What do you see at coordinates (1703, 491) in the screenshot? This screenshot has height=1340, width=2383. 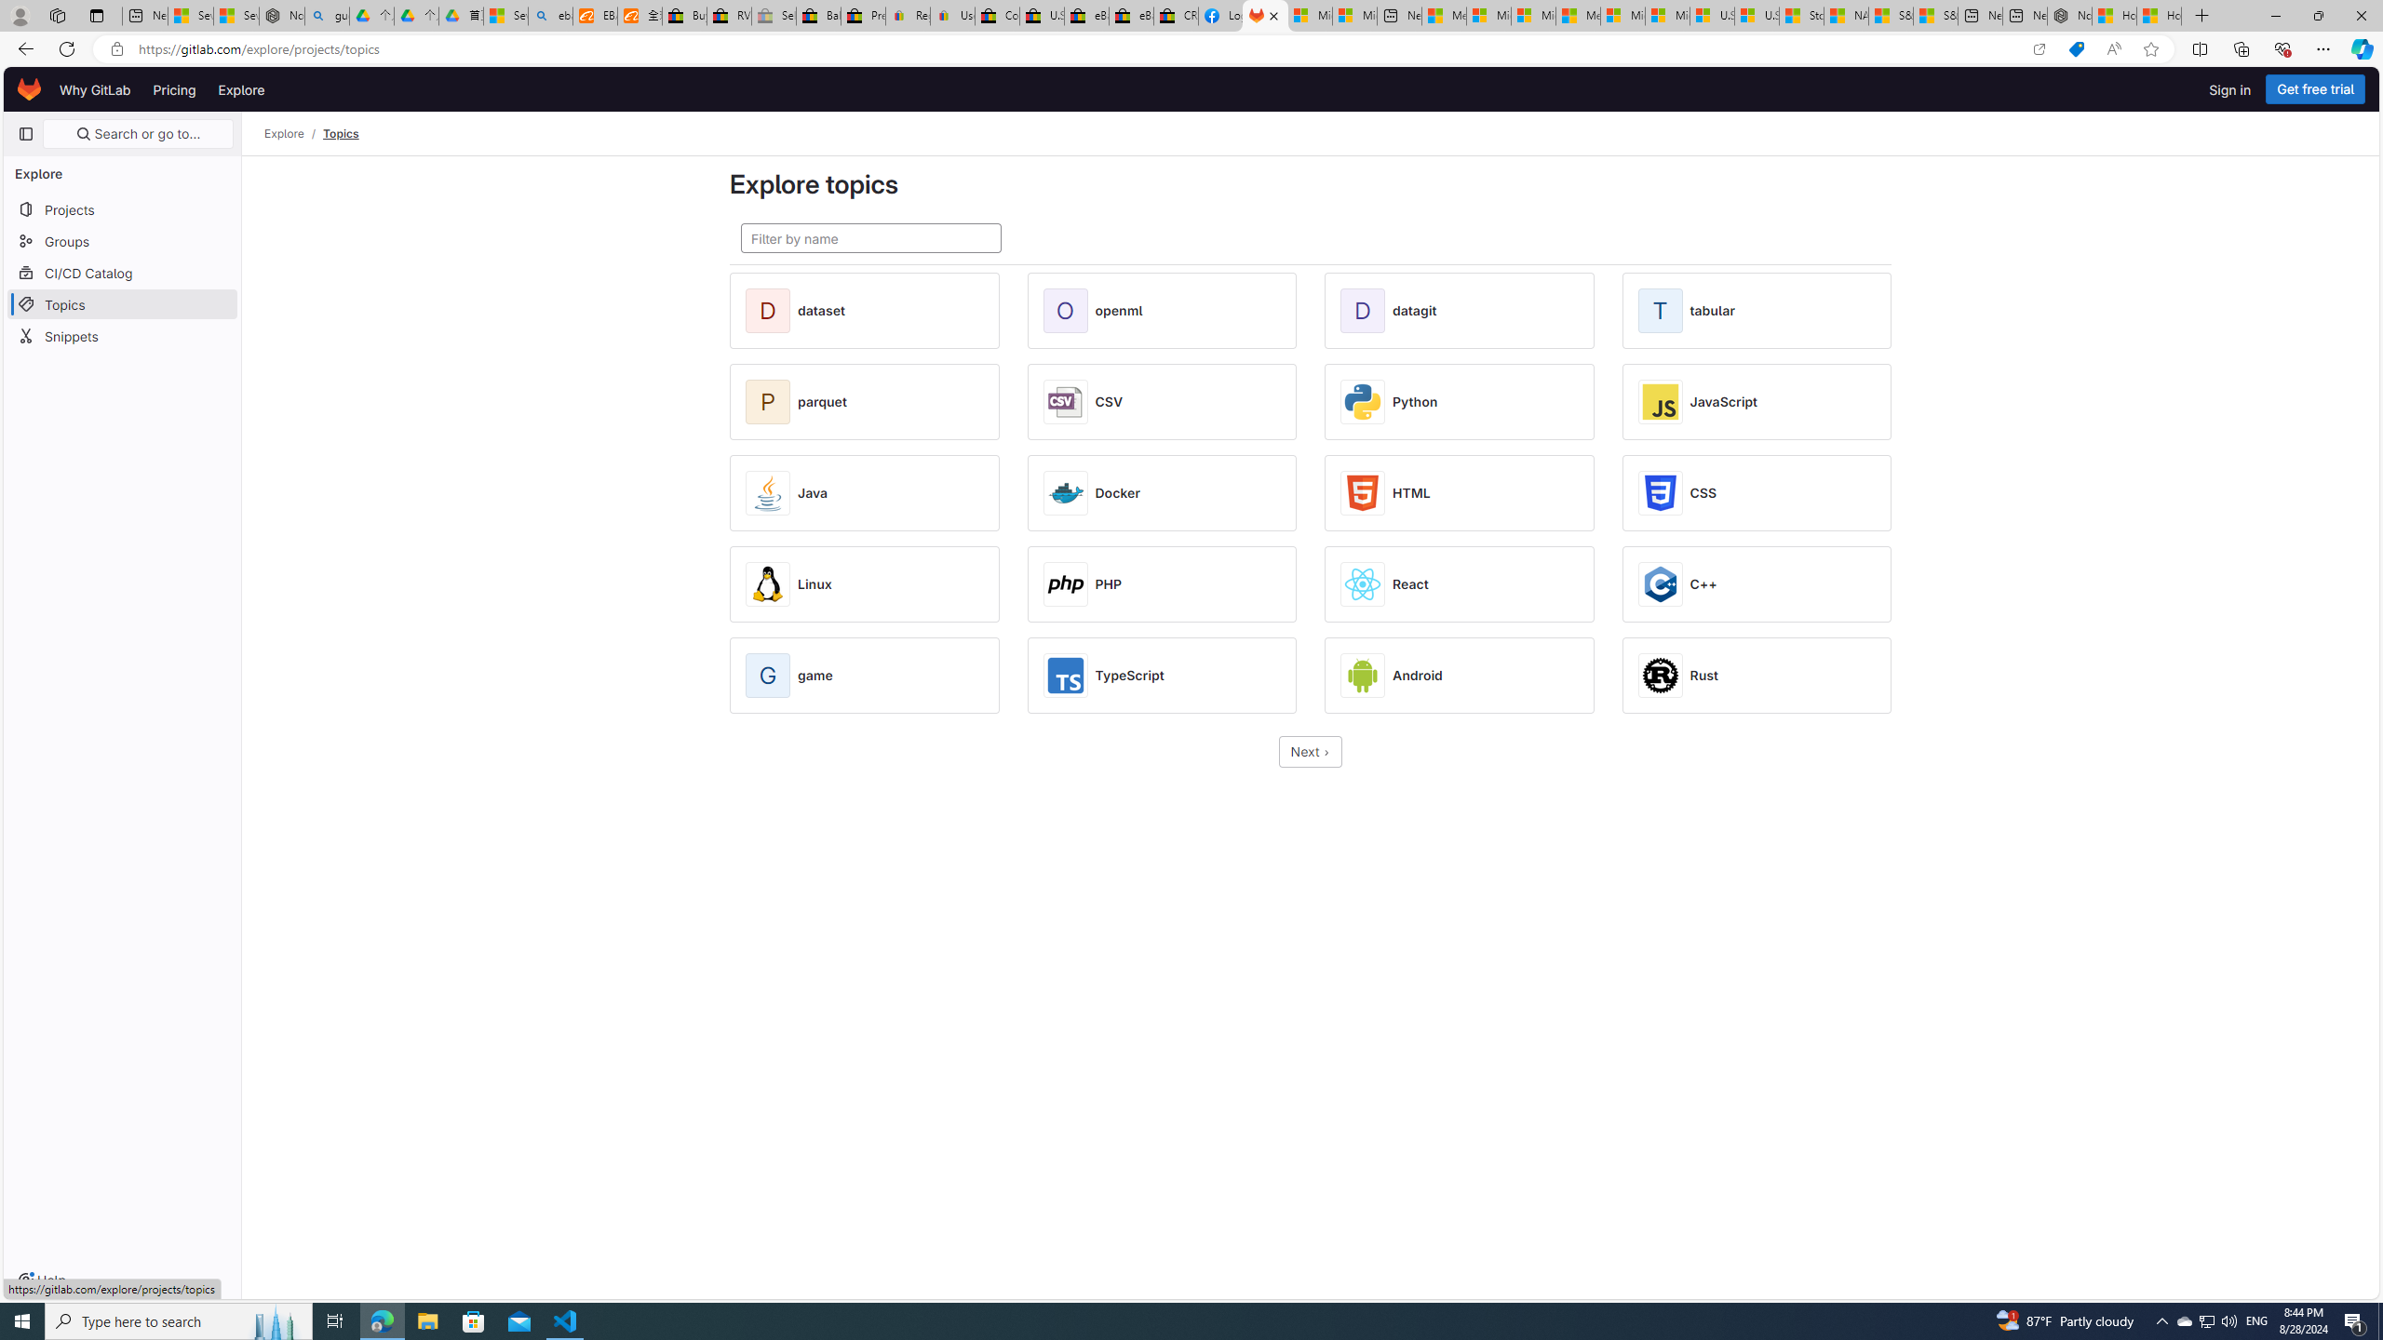 I see `'CSS'` at bounding box center [1703, 491].